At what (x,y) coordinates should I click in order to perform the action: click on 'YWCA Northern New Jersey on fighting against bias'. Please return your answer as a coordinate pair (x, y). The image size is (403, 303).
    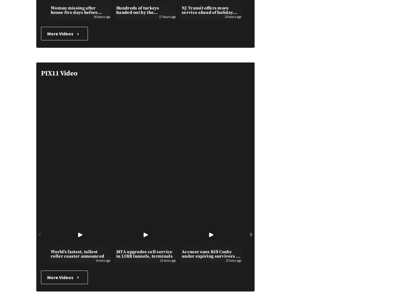
    Looking at the image, I should click on (276, 10).